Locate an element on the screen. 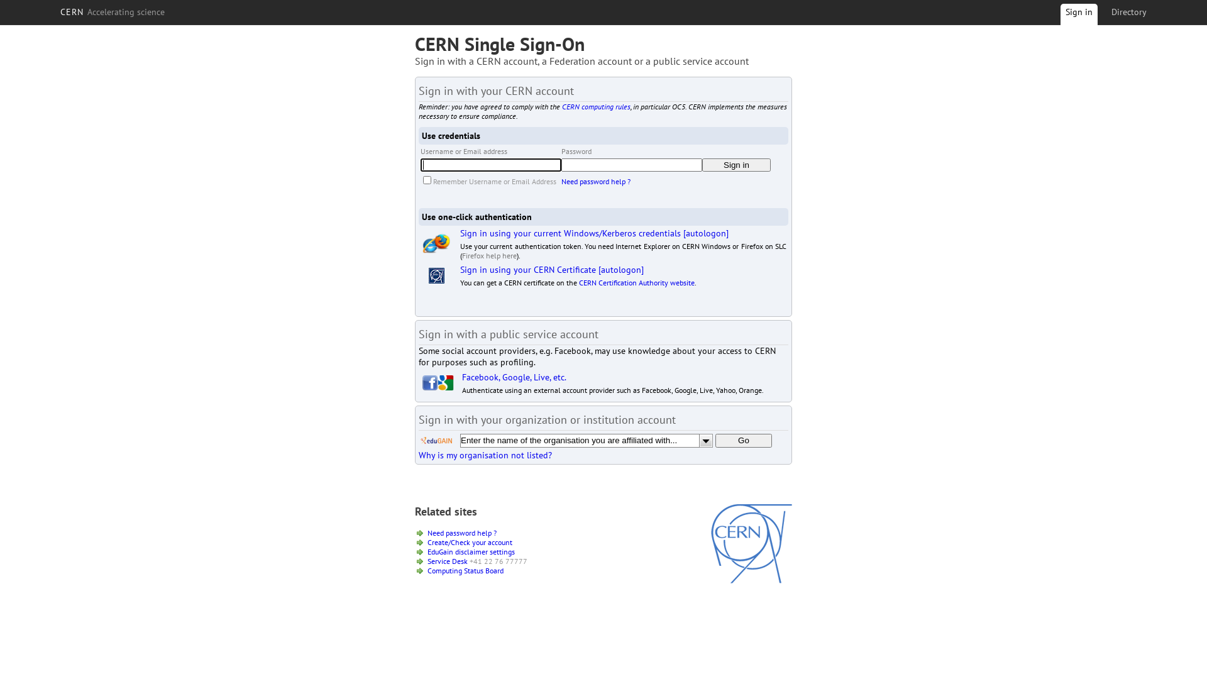 This screenshot has width=1207, height=679. 'Why is my organisation not listed?' is located at coordinates (419, 455).